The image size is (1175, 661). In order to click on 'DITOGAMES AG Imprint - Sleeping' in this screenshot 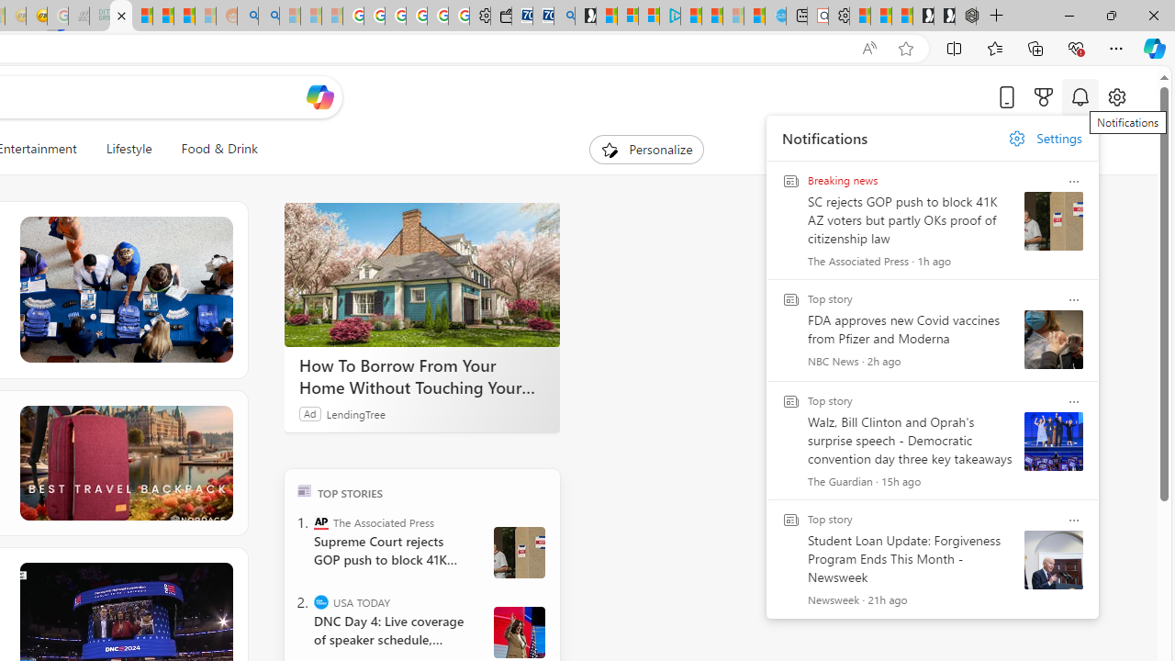, I will do `click(99, 16)`.